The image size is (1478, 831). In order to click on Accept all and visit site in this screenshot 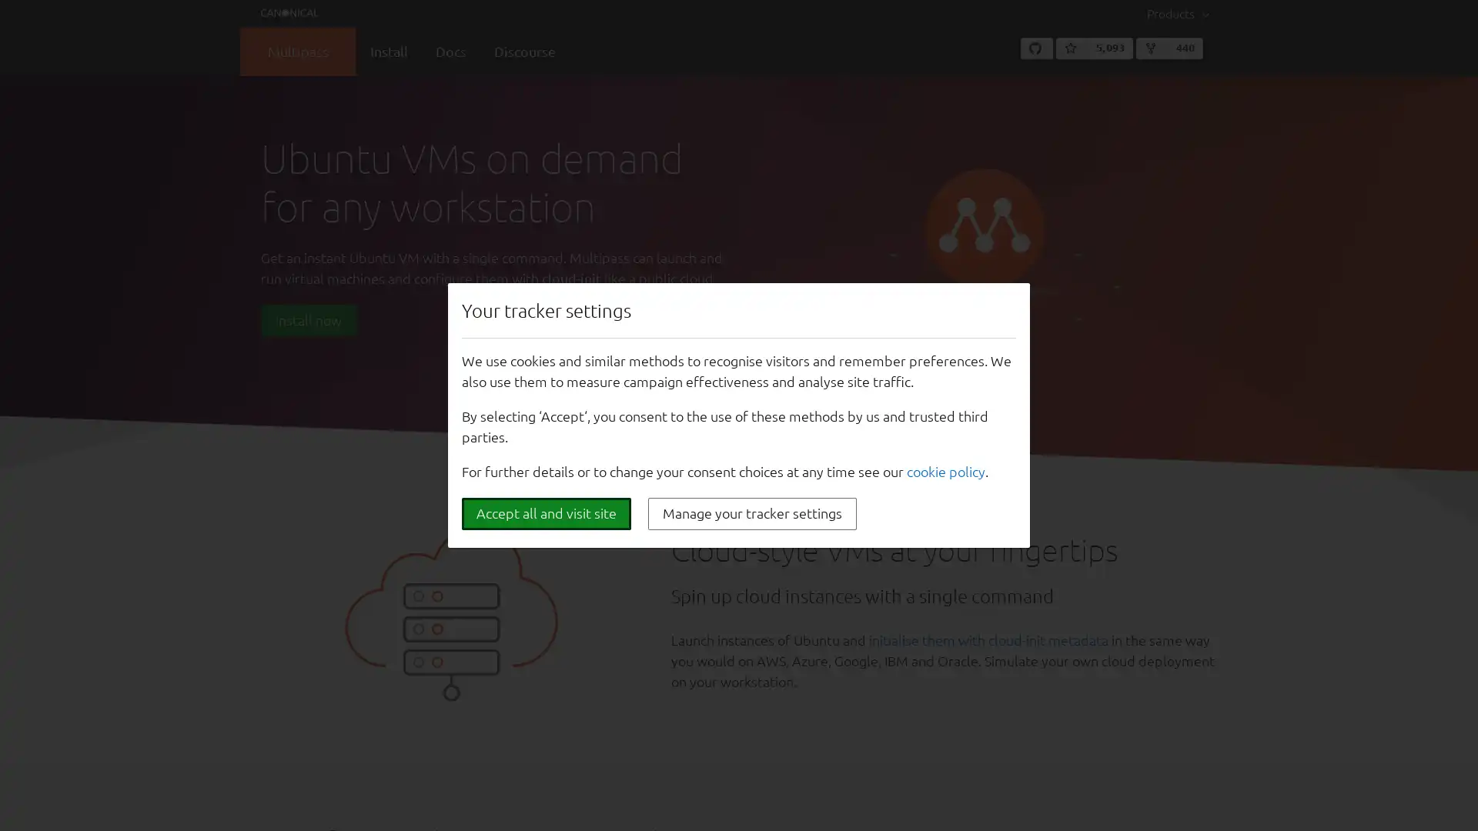, I will do `click(547, 513)`.